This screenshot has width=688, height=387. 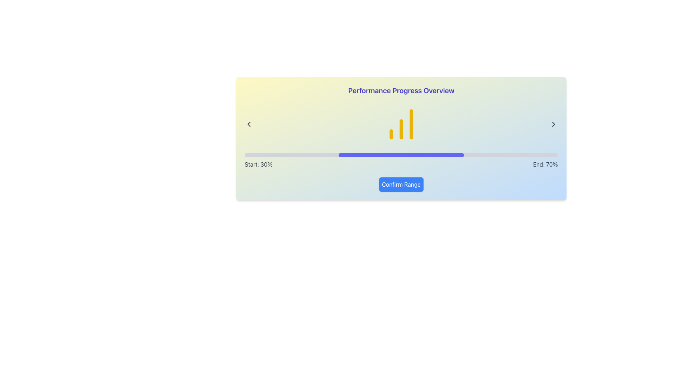 I want to click on the Visual Chart Icon, which is centrally located between the navigation icons, with the text 'Performance Progress Overview' above it, so click(x=401, y=124).